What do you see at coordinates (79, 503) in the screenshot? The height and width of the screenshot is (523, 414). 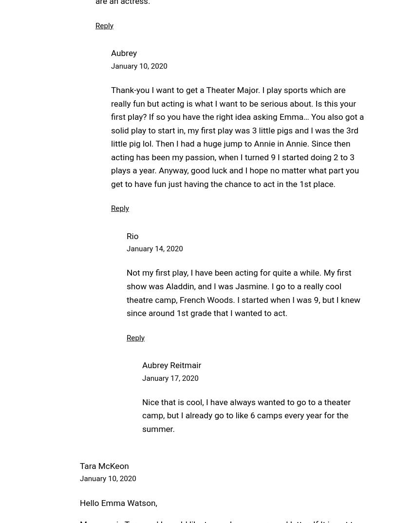 I see `'Hello Emma Watson,'` at bounding box center [79, 503].